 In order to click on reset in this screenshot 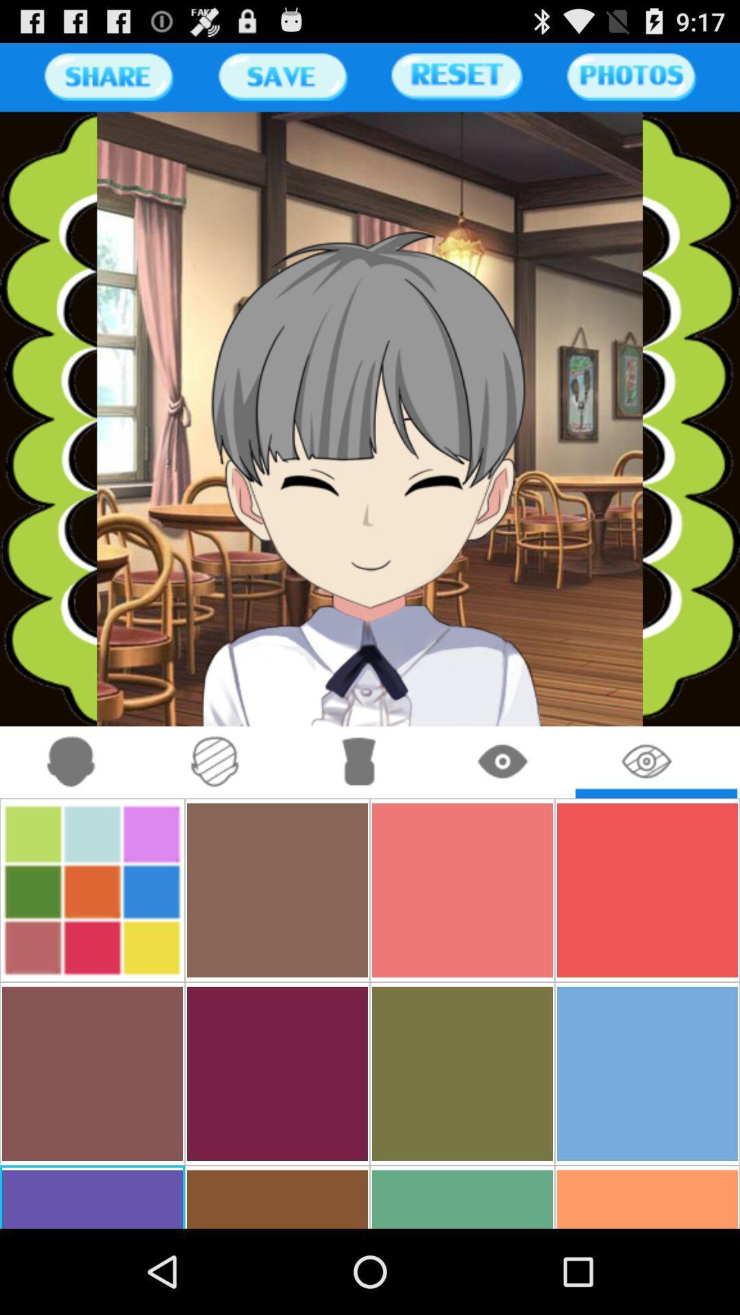, I will do `click(457, 76)`.